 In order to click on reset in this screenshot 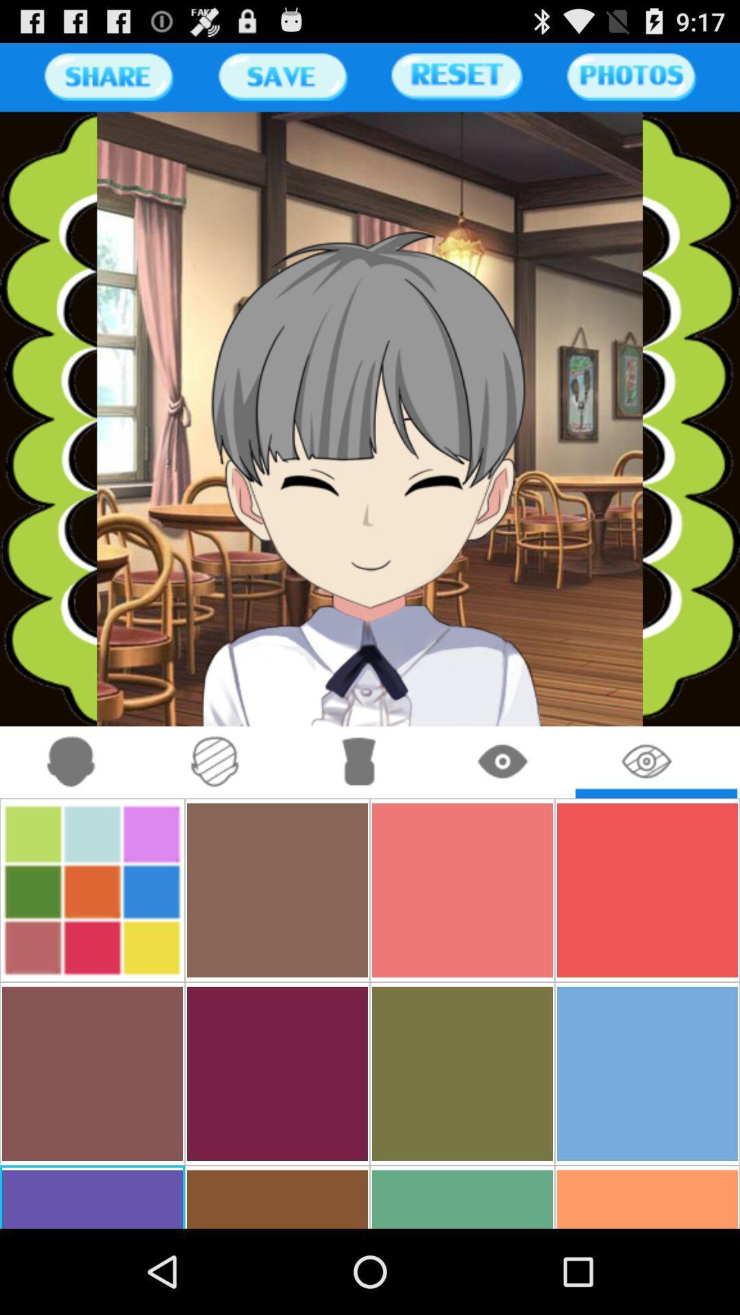, I will do `click(457, 76)`.